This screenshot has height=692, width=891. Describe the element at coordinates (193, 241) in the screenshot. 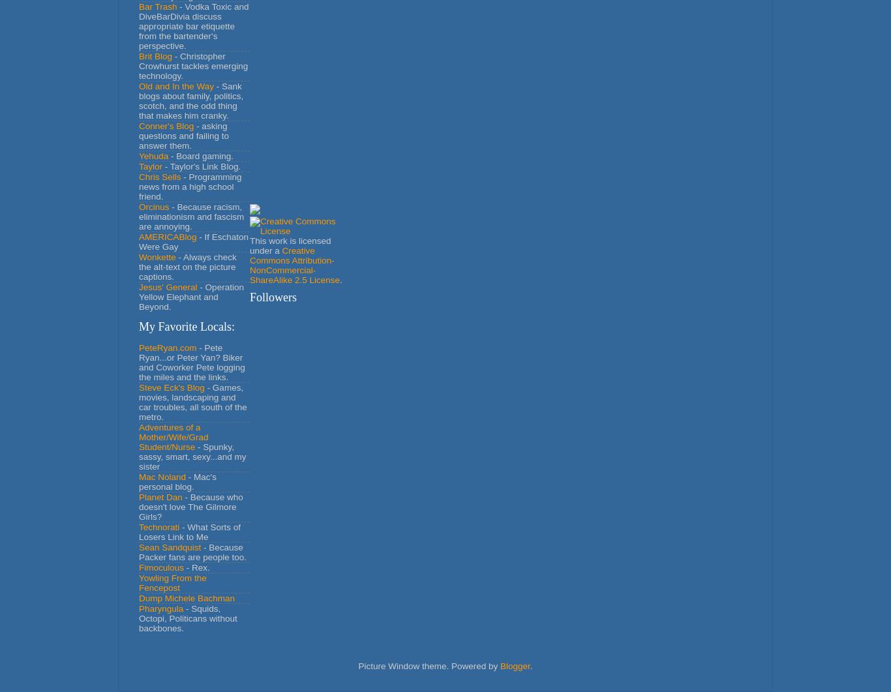

I see `'- If Eschaton Were Gay'` at that location.